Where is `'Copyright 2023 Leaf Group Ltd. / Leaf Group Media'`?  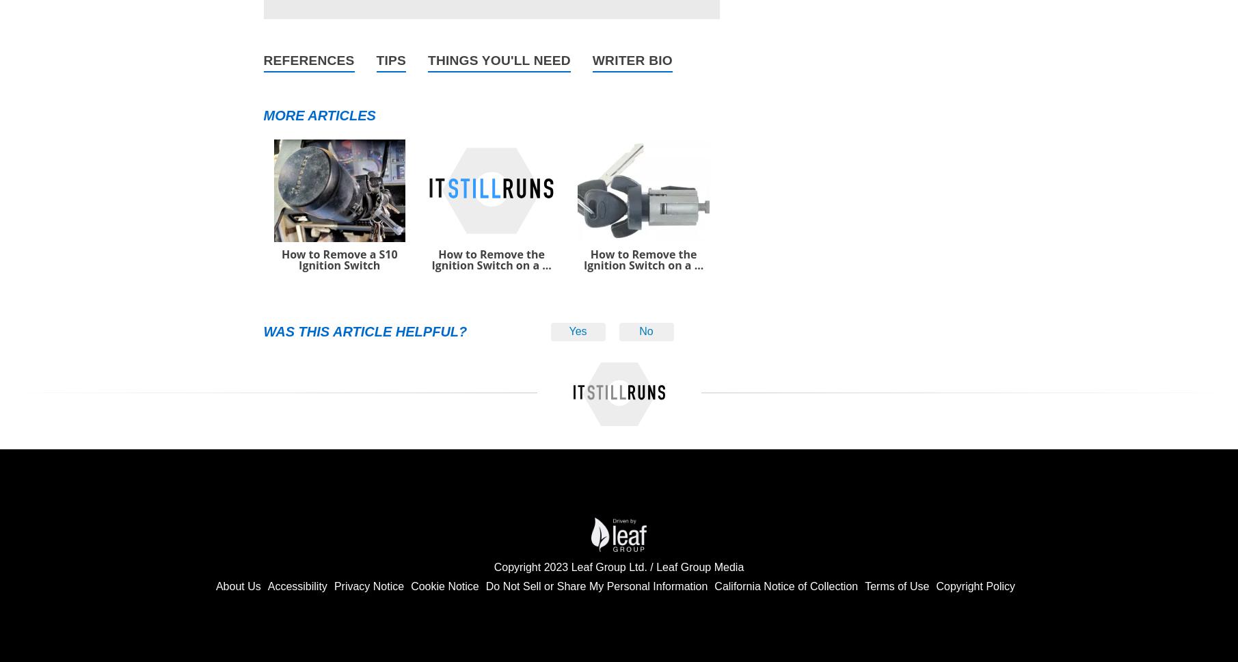
'Copyright 2023 Leaf Group Ltd. / Leaf Group Media' is located at coordinates (493, 566).